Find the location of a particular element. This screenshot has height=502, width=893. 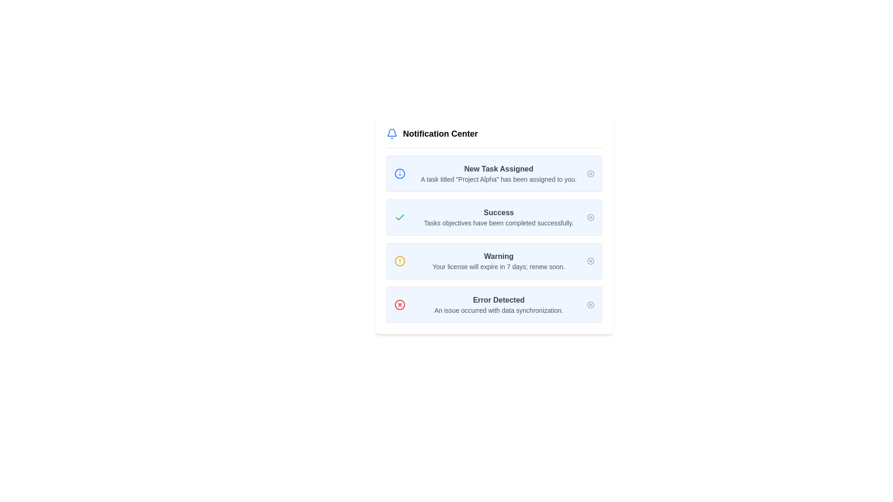

the text element that informs the user about the impending expiration of their license, which is the third notification item in the notification center is located at coordinates (498, 261).